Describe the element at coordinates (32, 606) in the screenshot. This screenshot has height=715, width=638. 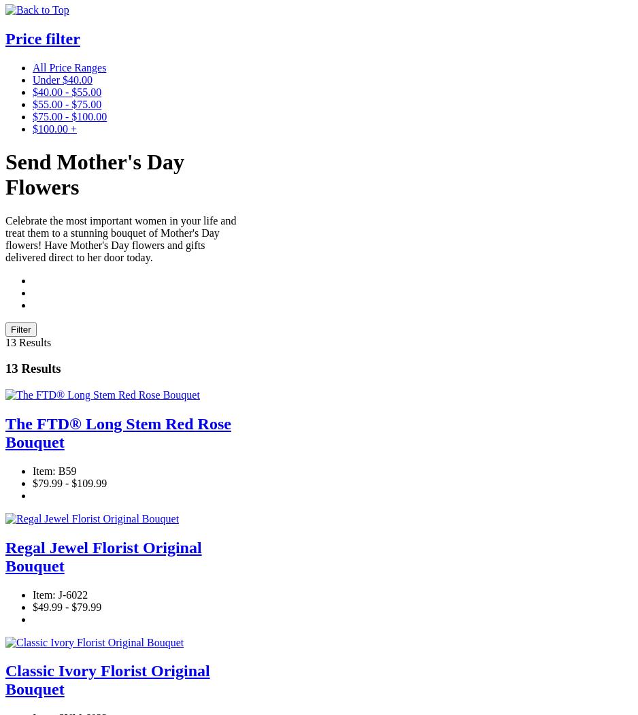
I see `'$49.99	- $79.99'` at that location.